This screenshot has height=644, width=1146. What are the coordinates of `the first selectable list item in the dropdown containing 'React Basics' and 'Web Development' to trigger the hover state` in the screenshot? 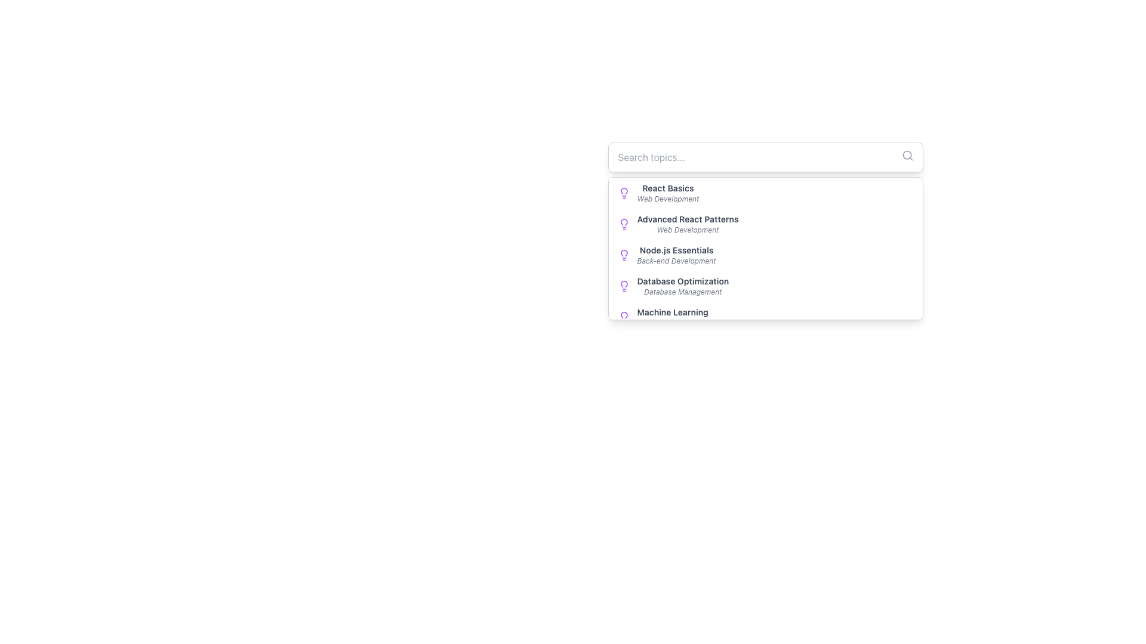 It's located at (765, 193).